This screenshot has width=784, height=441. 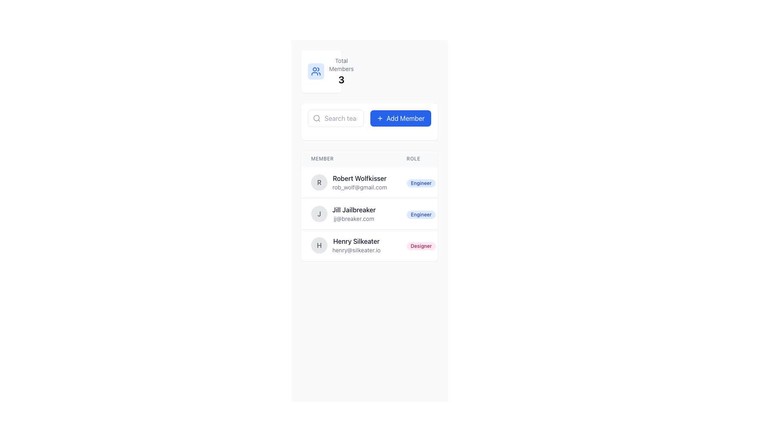 What do you see at coordinates (421, 182) in the screenshot?
I see `the badge labeled 'Engineer' in blue font` at bounding box center [421, 182].